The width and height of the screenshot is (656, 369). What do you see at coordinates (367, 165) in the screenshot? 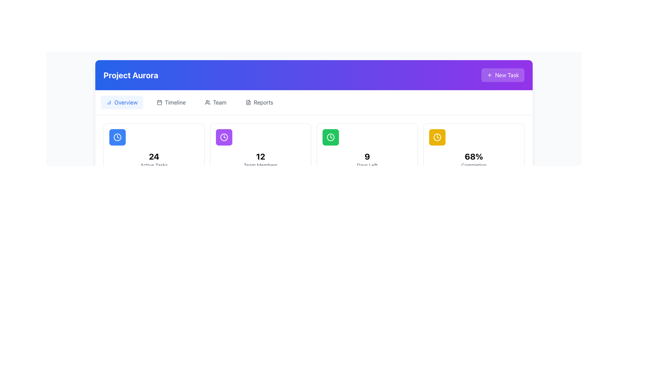
I see `the gray text label reading 'Days Left' located within the third card from the left, beneath the bold numeral '9'` at bounding box center [367, 165].